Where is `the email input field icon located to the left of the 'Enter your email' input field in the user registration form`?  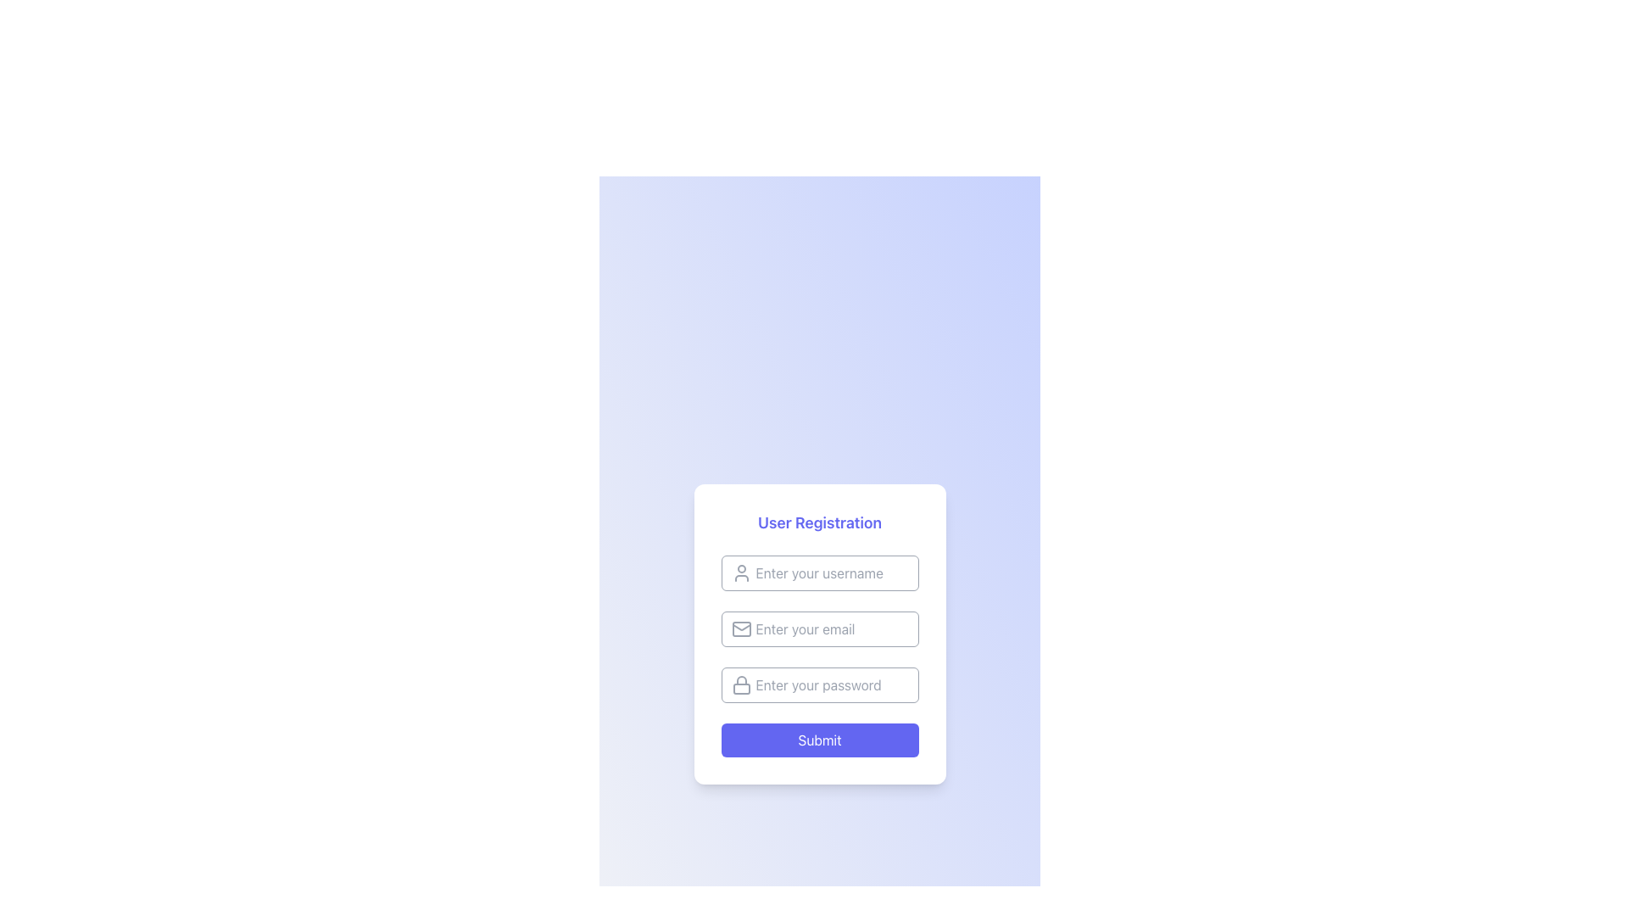 the email input field icon located to the left of the 'Enter your email' input field in the user registration form is located at coordinates (741, 628).